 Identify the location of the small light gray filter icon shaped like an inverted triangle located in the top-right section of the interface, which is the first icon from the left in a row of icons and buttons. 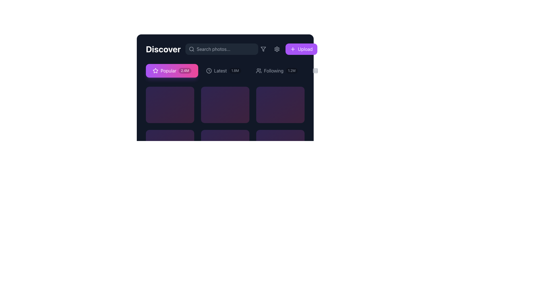
(263, 49).